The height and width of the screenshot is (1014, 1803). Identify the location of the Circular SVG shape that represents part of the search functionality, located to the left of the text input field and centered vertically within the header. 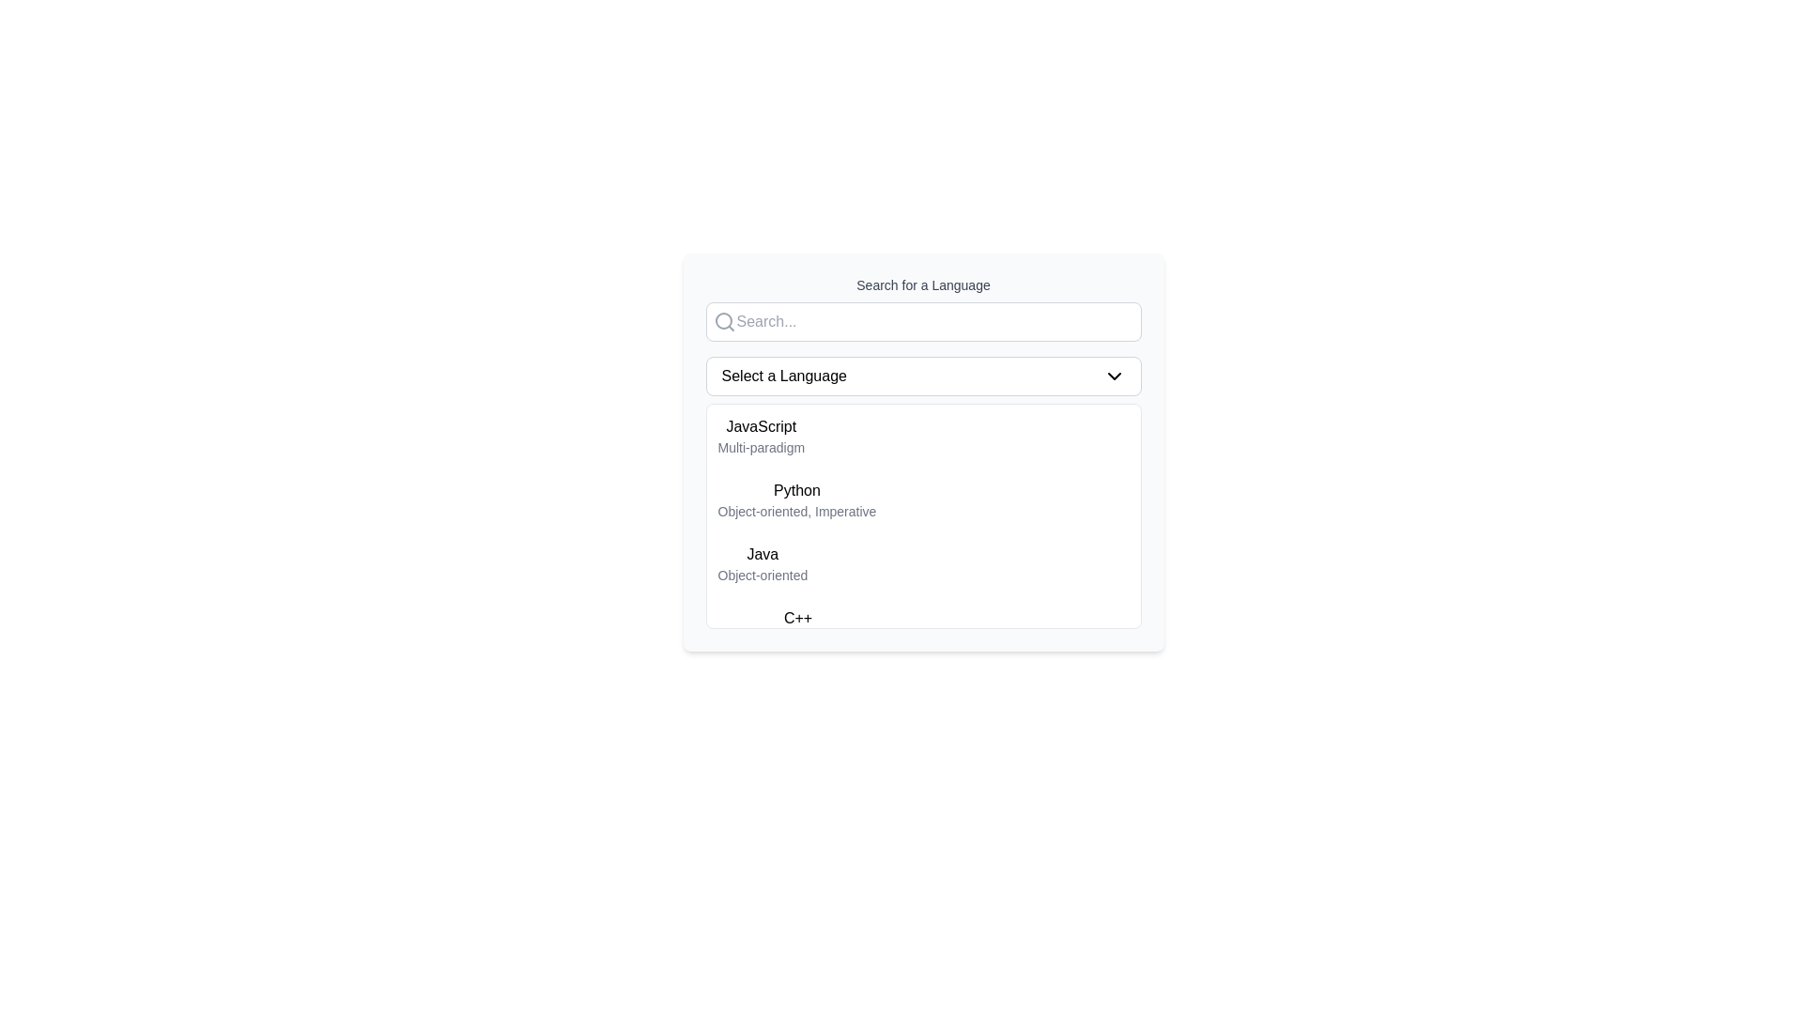
(722, 320).